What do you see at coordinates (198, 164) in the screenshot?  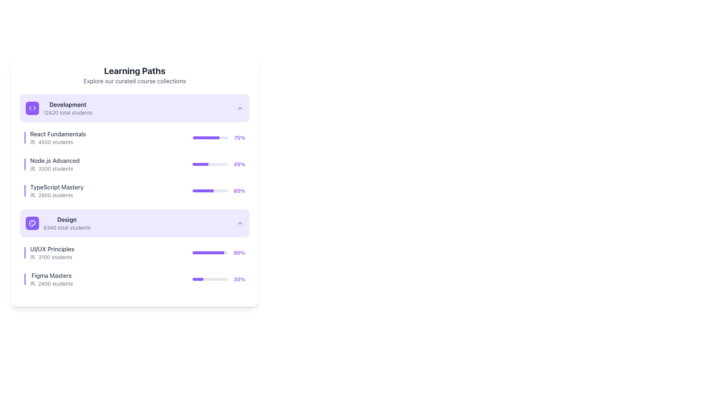 I see `progress` at bounding box center [198, 164].